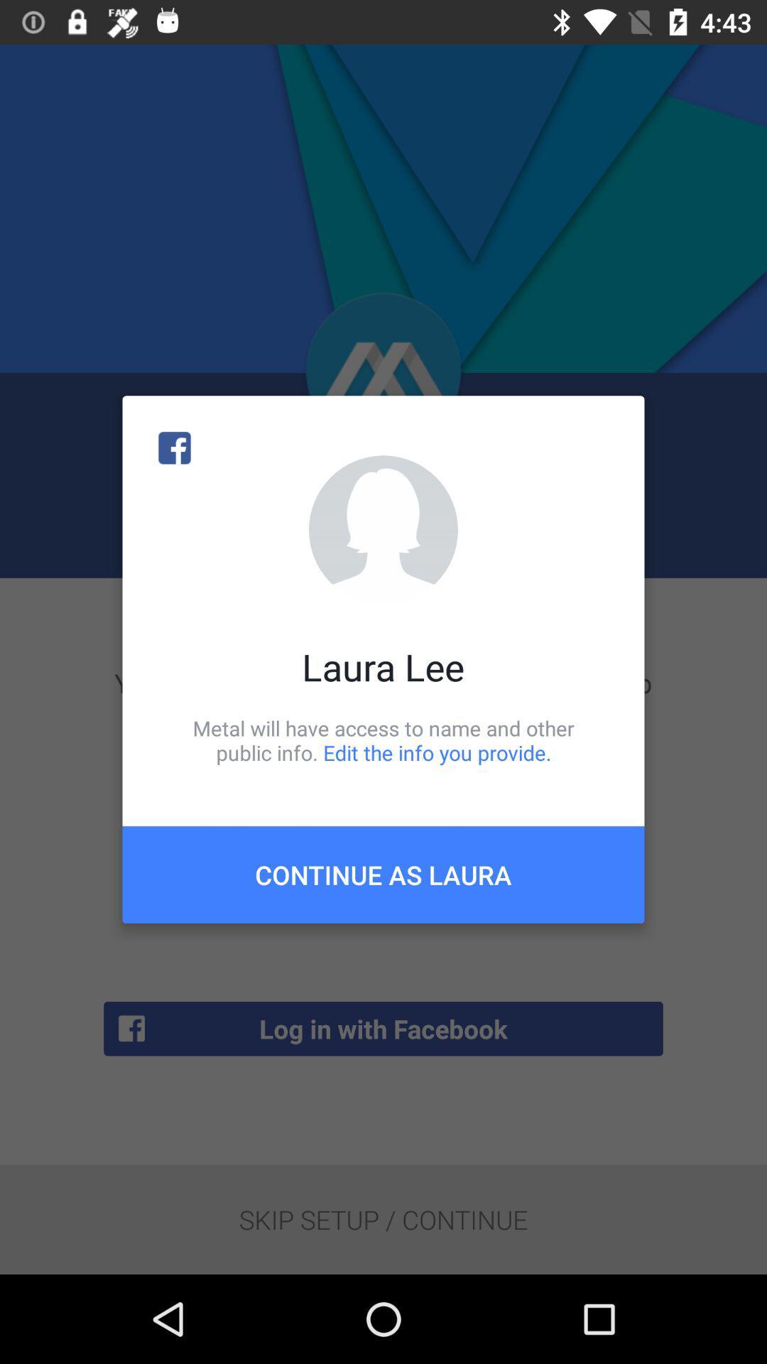 The image size is (767, 1364). Describe the element at coordinates (383, 740) in the screenshot. I see `metal will have item` at that location.